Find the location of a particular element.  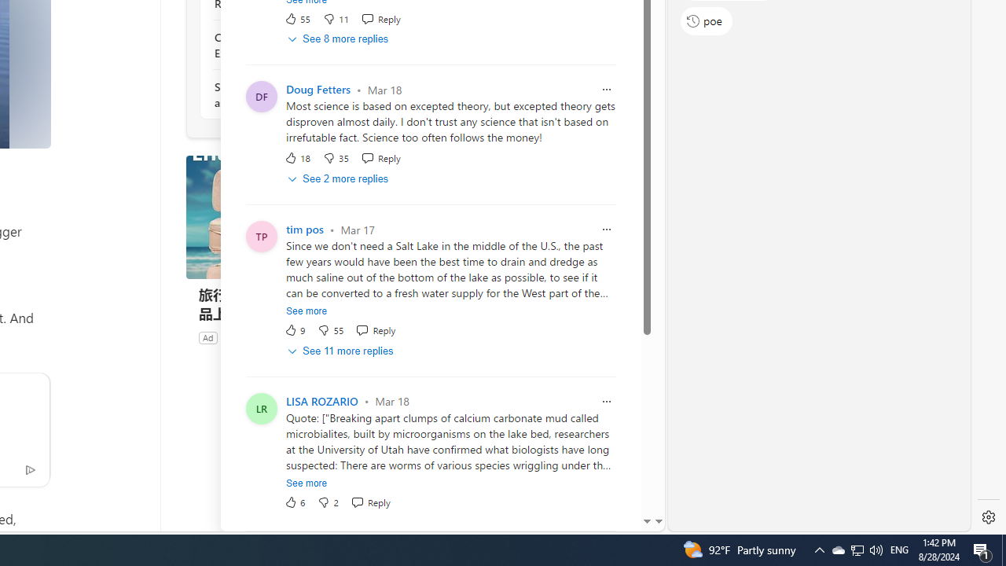

'55 Like' is located at coordinates (297, 18).